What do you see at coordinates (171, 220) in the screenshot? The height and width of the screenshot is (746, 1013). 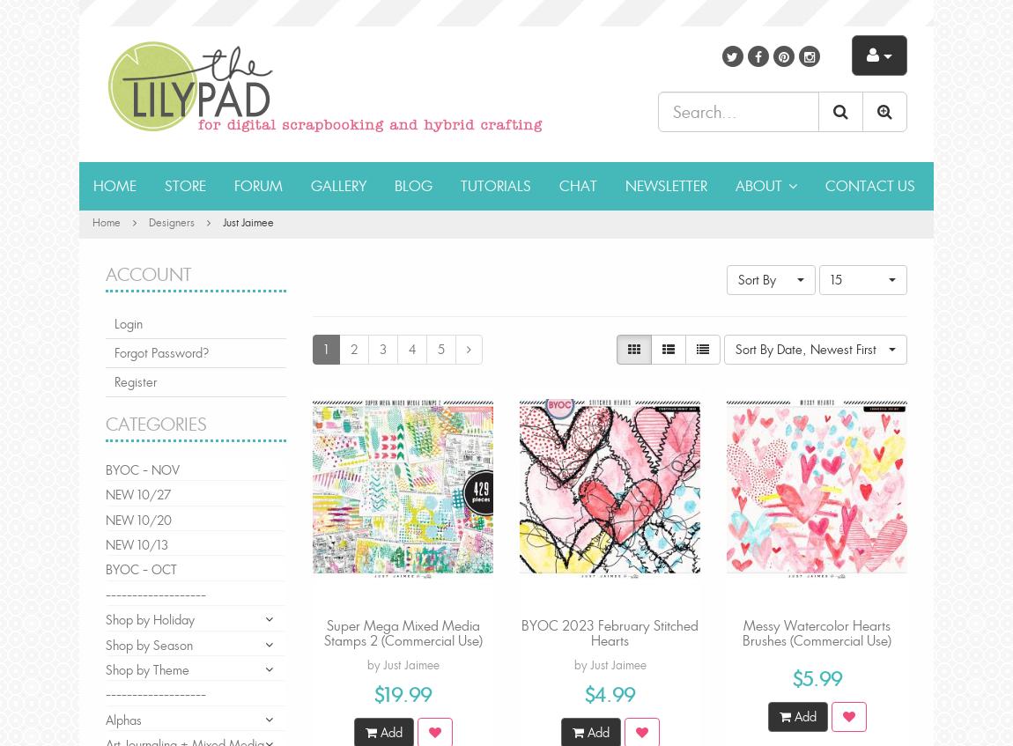 I see `'Designers'` at bounding box center [171, 220].